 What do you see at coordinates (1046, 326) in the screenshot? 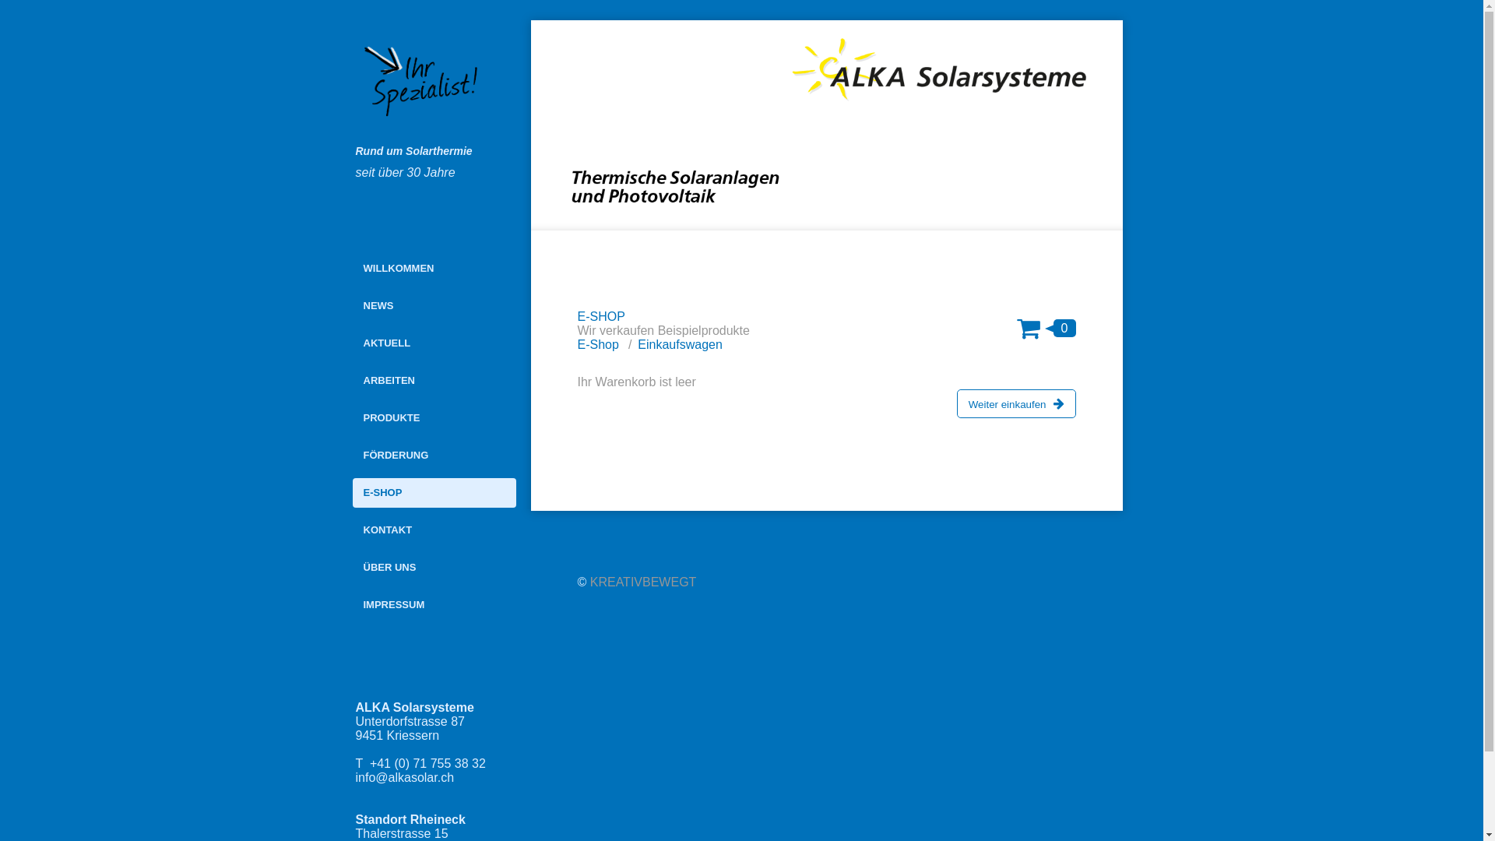
I see `'0'` at bounding box center [1046, 326].